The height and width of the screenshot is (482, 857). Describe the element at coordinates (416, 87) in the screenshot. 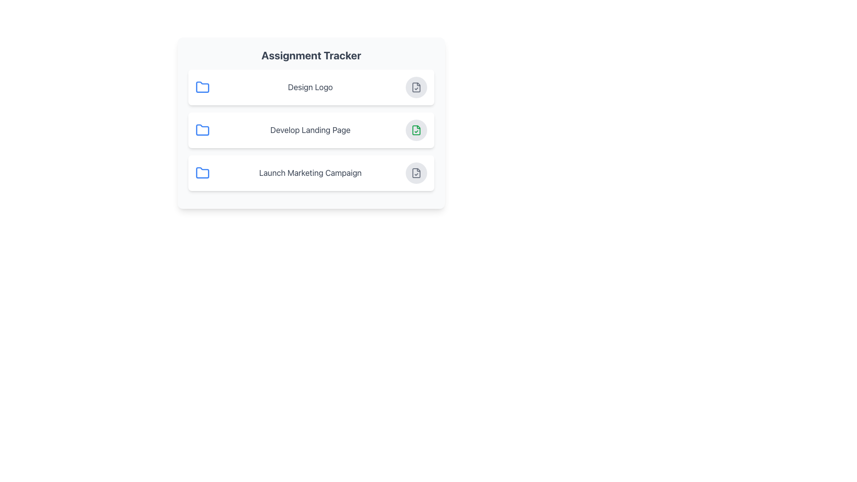

I see `the Graphic Icon representing a file with a check mark, located adjacent to the label 'Design Logo' in the task list` at that location.